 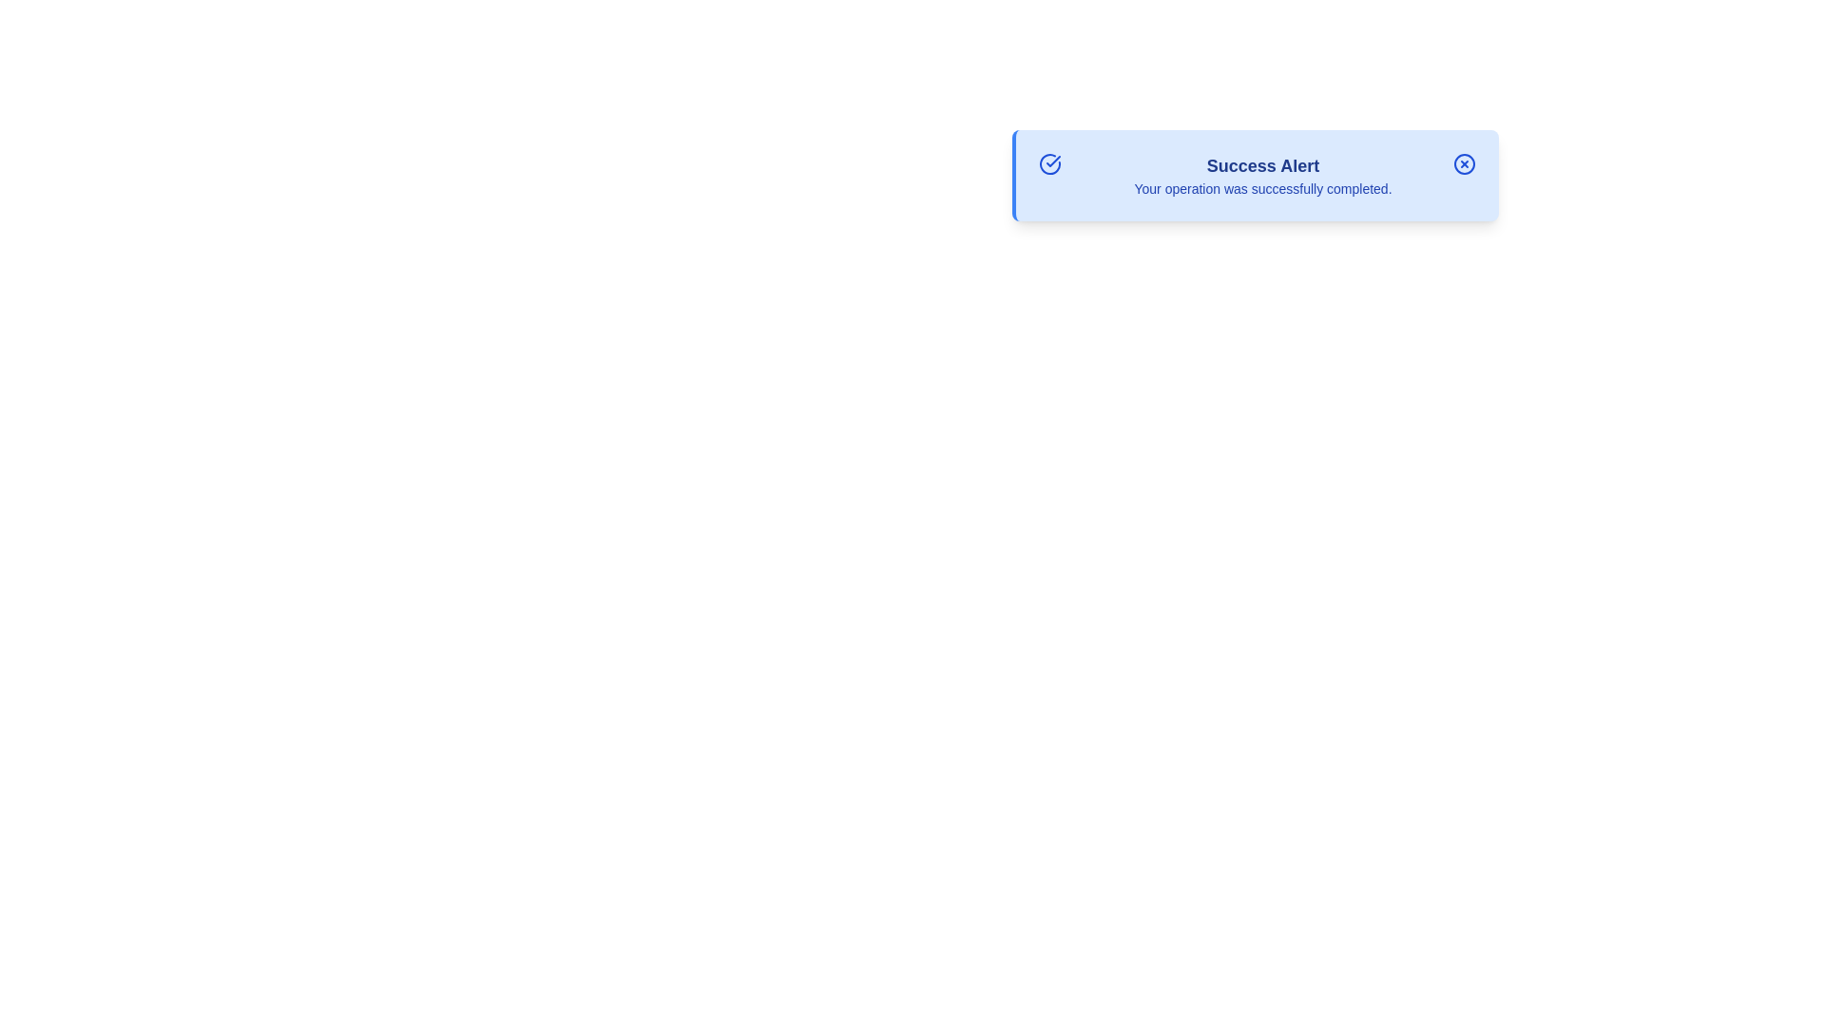 I want to click on the notification title or text, so click(x=1263, y=164).